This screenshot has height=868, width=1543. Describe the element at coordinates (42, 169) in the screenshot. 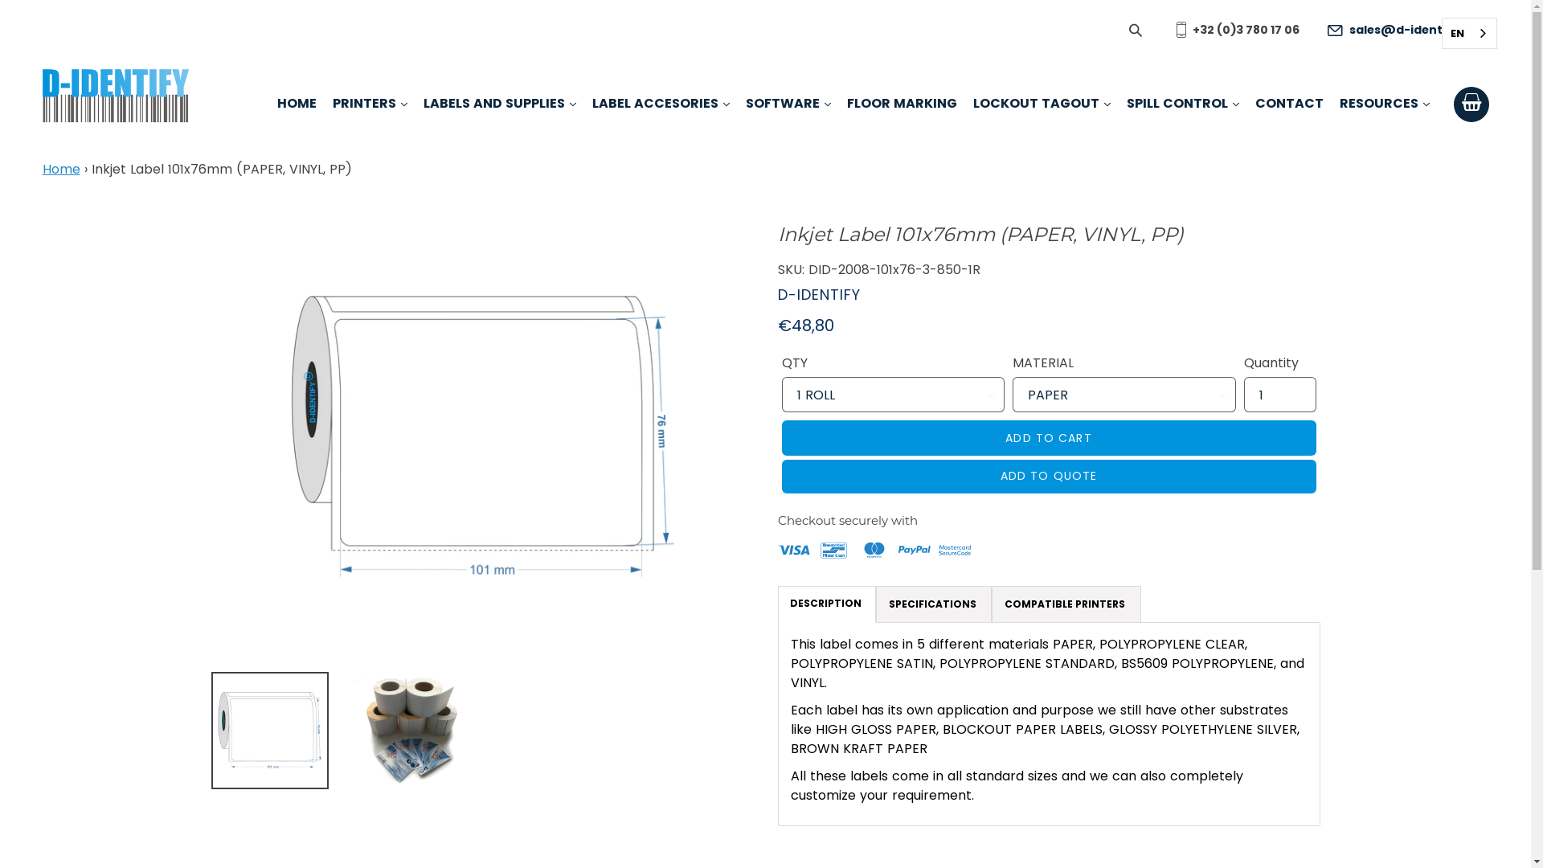

I see `'Home'` at that location.